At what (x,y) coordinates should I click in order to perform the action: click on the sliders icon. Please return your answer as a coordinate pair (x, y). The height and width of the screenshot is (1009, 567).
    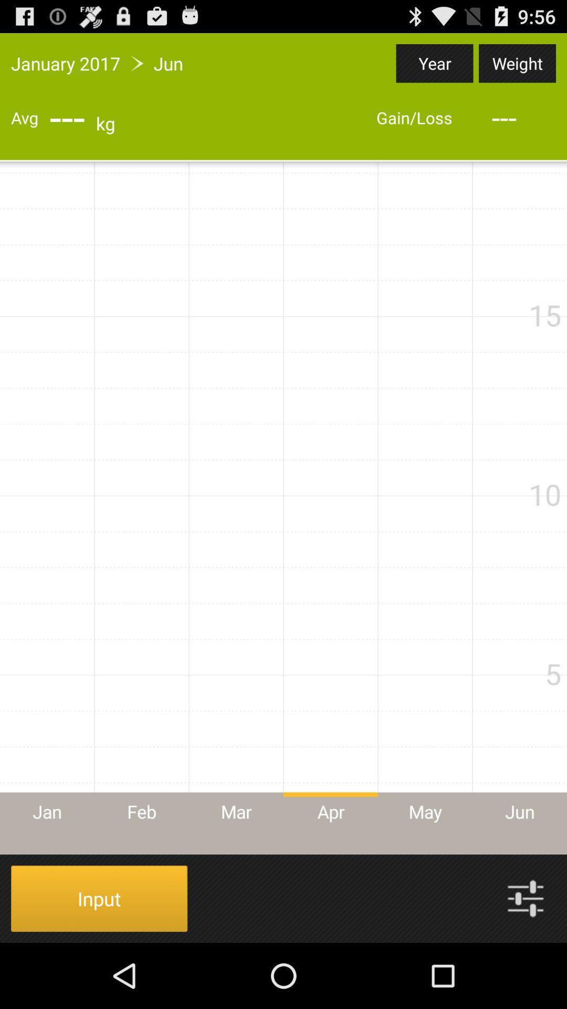
    Looking at the image, I should click on (526, 962).